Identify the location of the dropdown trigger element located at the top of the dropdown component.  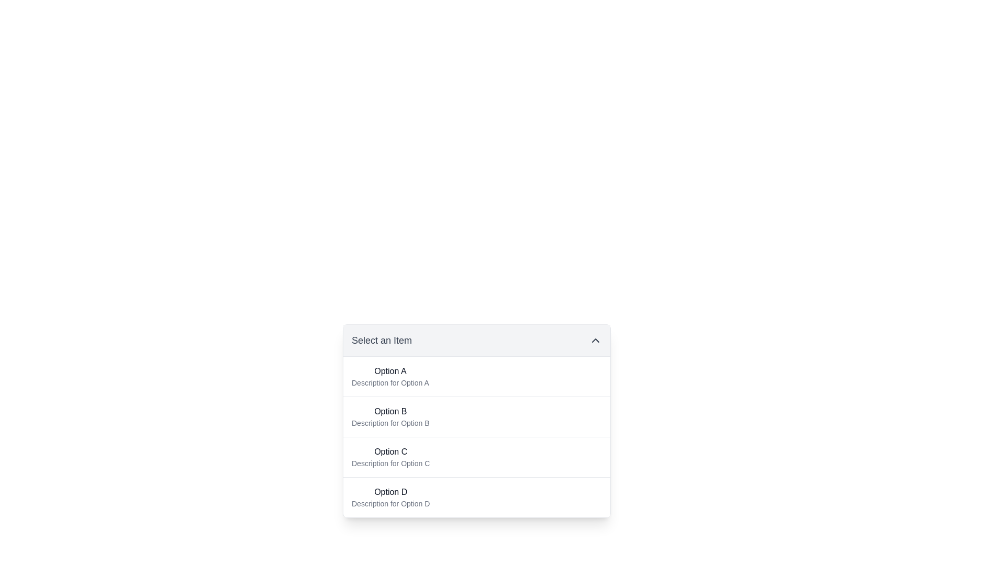
(476, 341).